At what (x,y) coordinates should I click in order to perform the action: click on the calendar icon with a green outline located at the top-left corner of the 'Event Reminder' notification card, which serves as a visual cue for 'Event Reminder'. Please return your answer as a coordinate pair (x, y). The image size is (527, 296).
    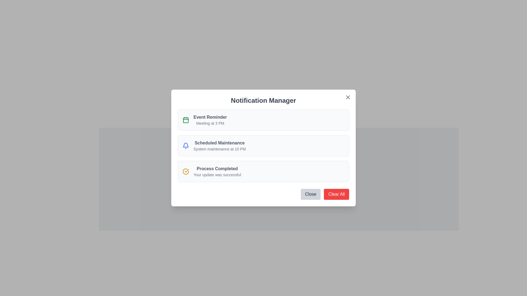
    Looking at the image, I should click on (186, 120).